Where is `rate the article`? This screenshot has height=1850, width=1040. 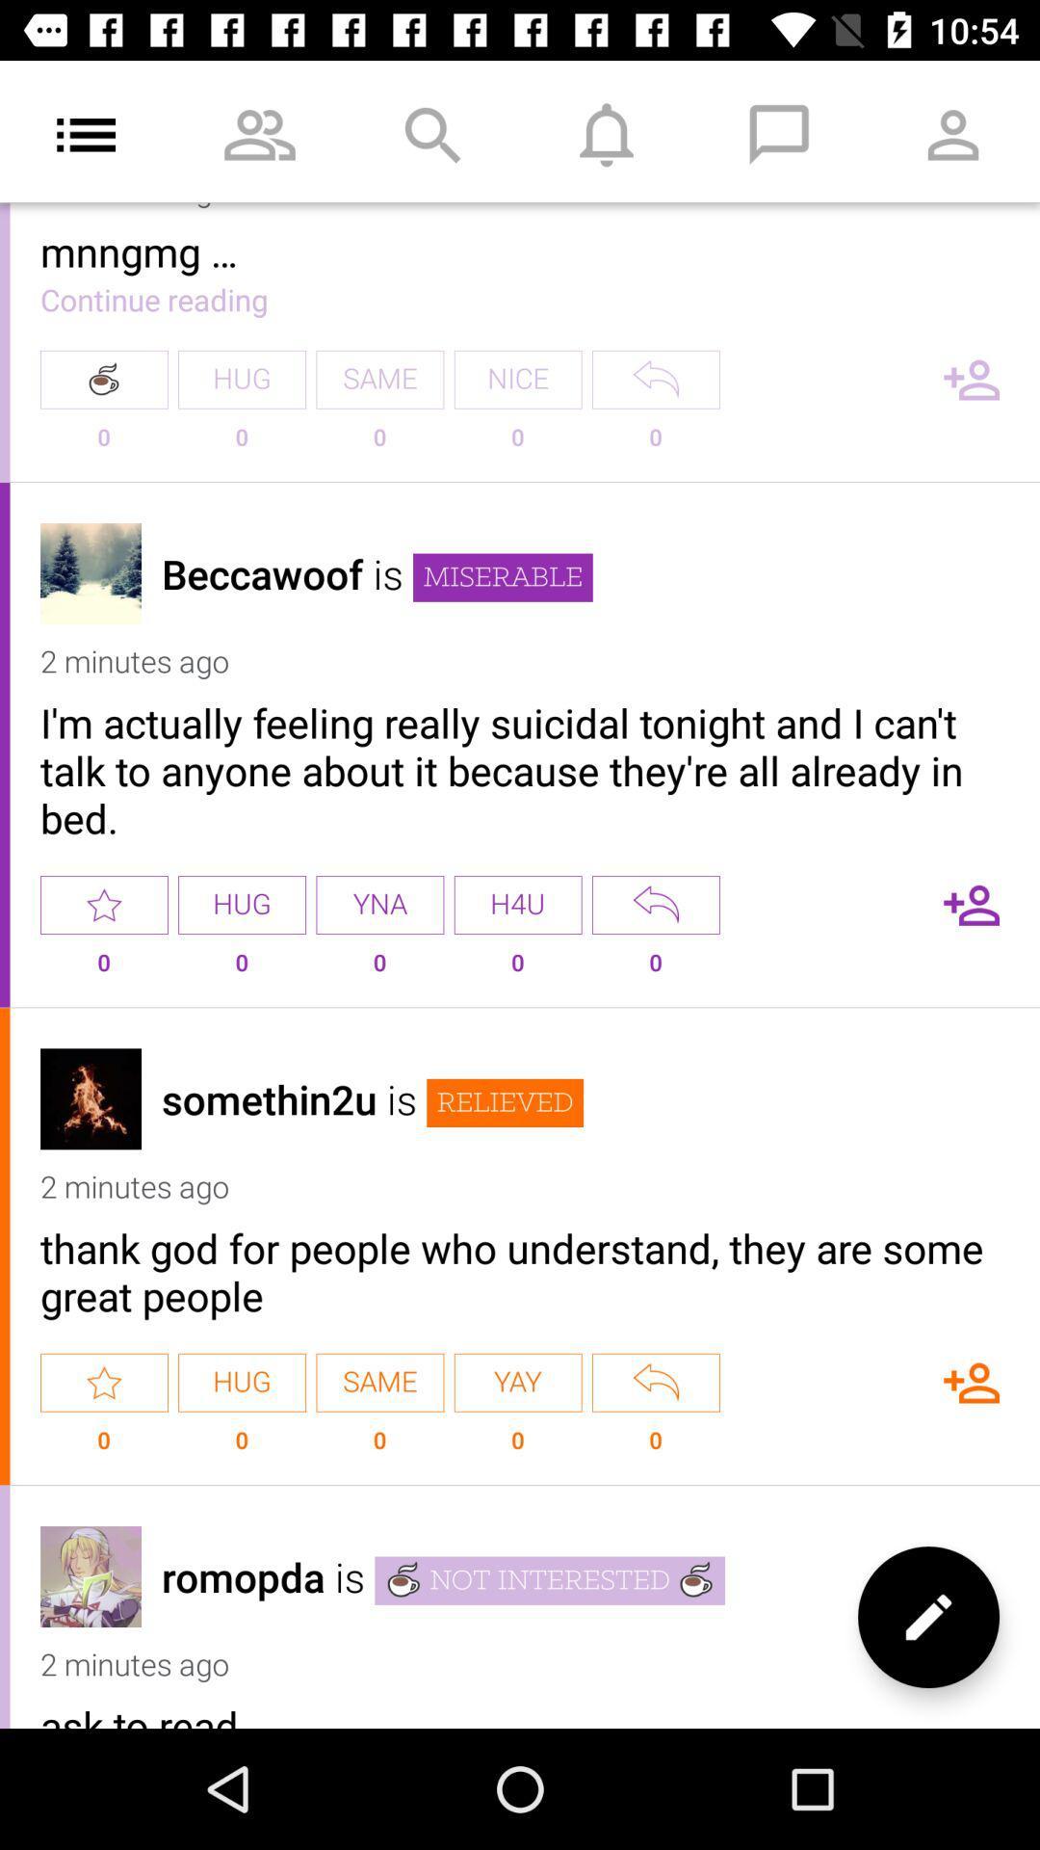 rate the article is located at coordinates (104, 904).